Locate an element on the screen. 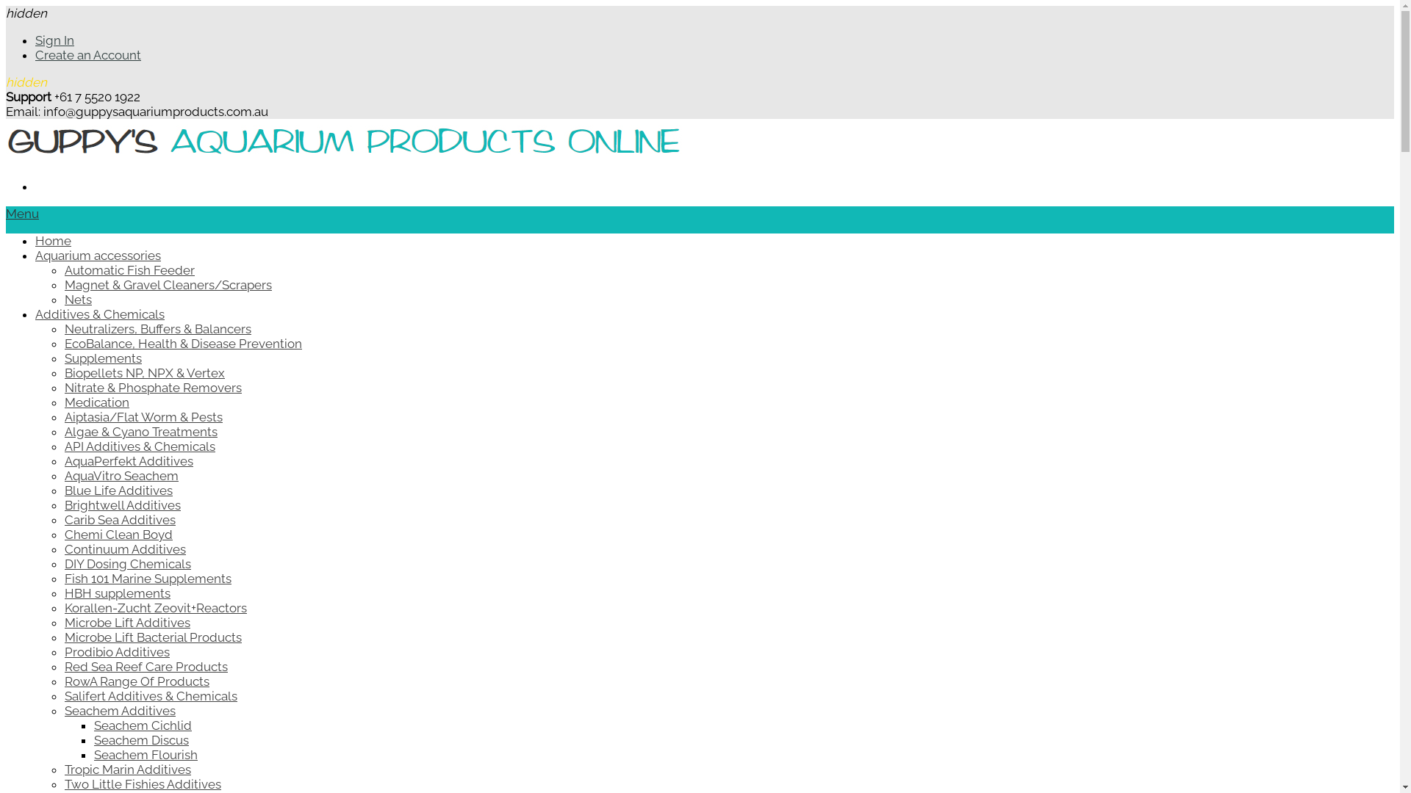  'Supplements' is located at coordinates (102, 358).